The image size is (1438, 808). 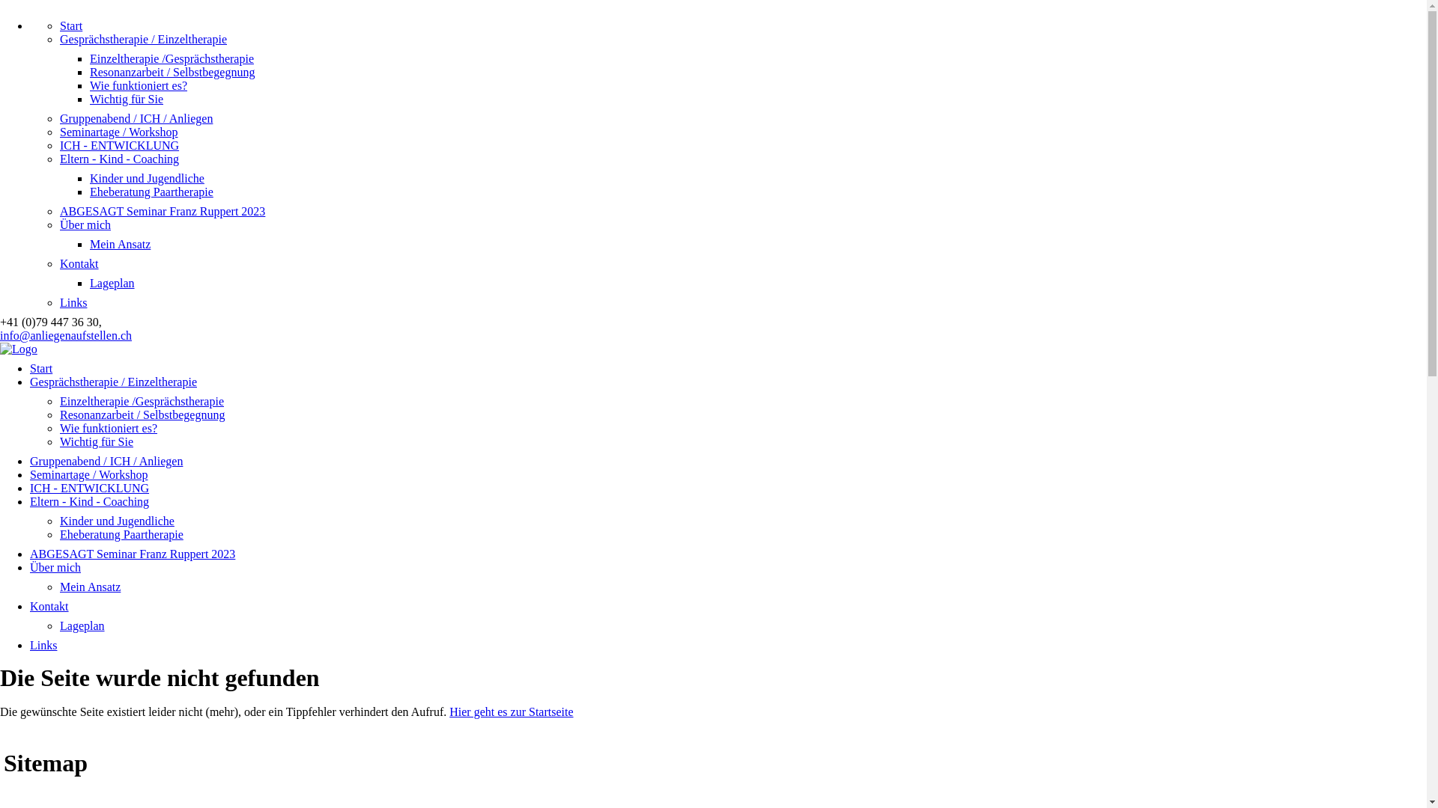 I want to click on 'Links', so click(x=72, y=302).